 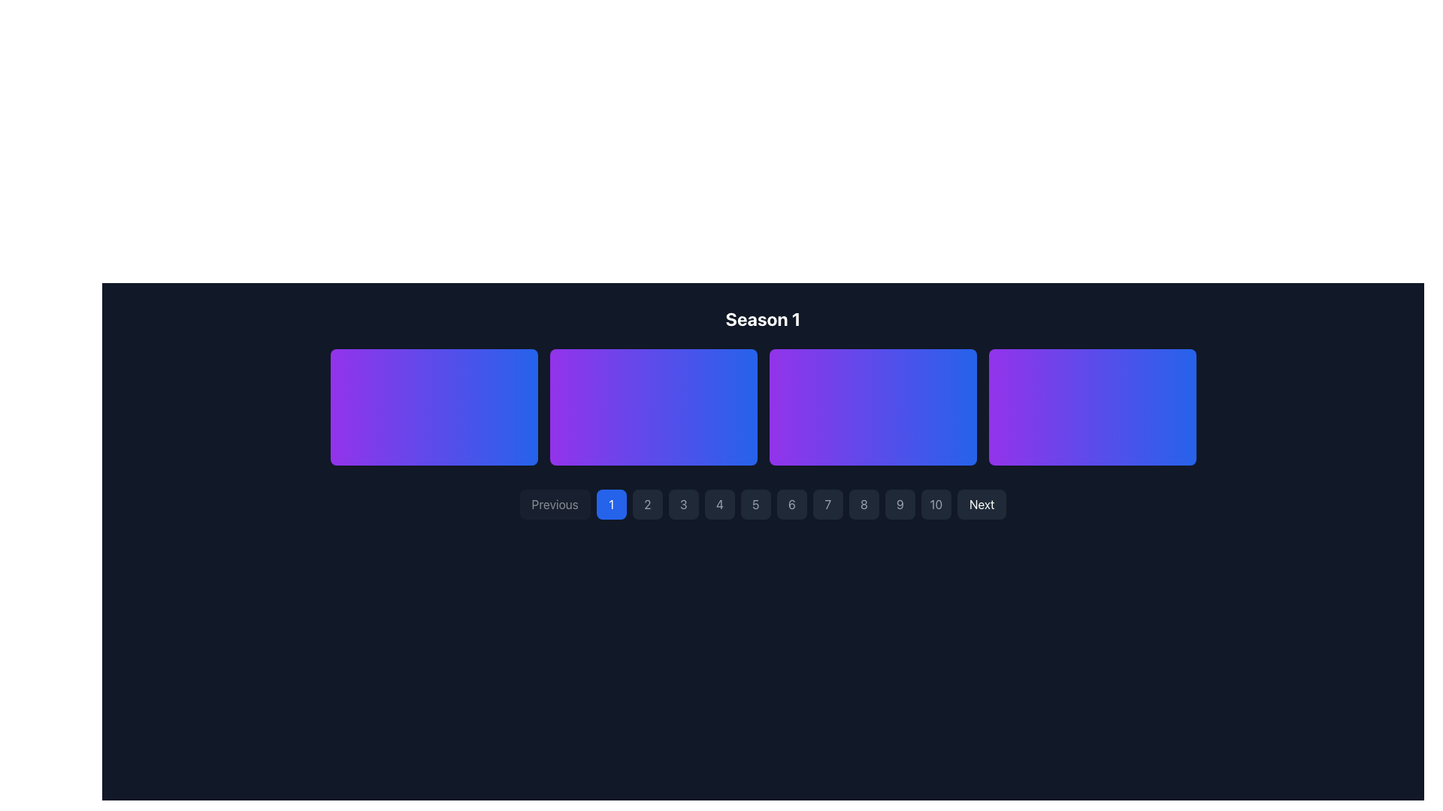 I want to click on the second button in the bottom center navigation bar, so click(x=611, y=505).